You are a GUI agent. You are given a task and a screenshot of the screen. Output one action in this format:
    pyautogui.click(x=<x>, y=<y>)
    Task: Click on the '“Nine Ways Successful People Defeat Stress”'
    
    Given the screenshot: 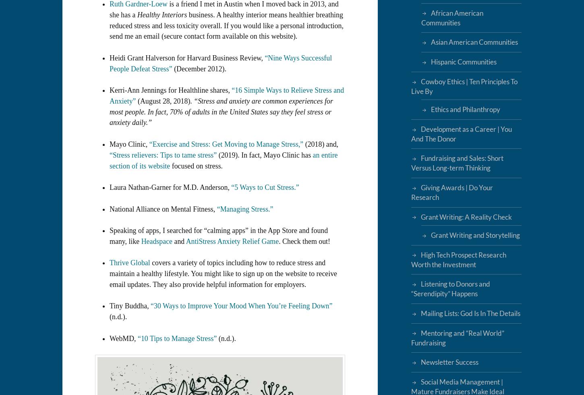 What is the action you would take?
    pyautogui.click(x=110, y=63)
    